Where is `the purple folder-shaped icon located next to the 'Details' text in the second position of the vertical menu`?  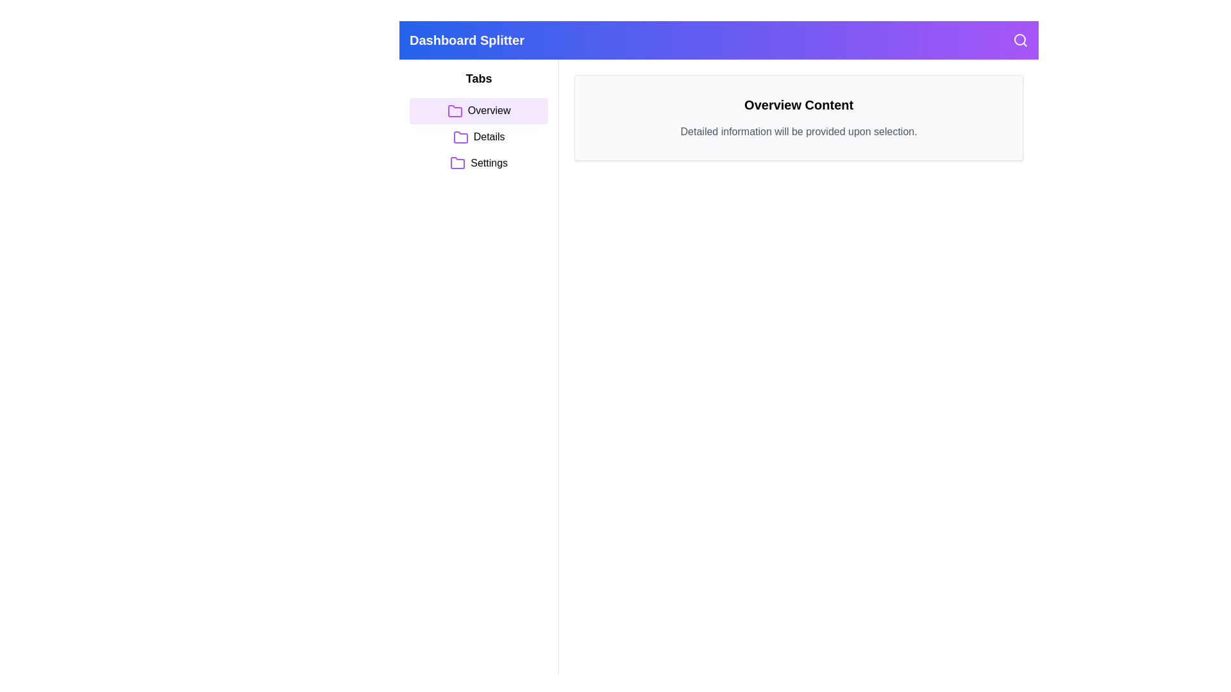
the purple folder-shaped icon located next to the 'Details' text in the second position of the vertical menu is located at coordinates (460, 137).